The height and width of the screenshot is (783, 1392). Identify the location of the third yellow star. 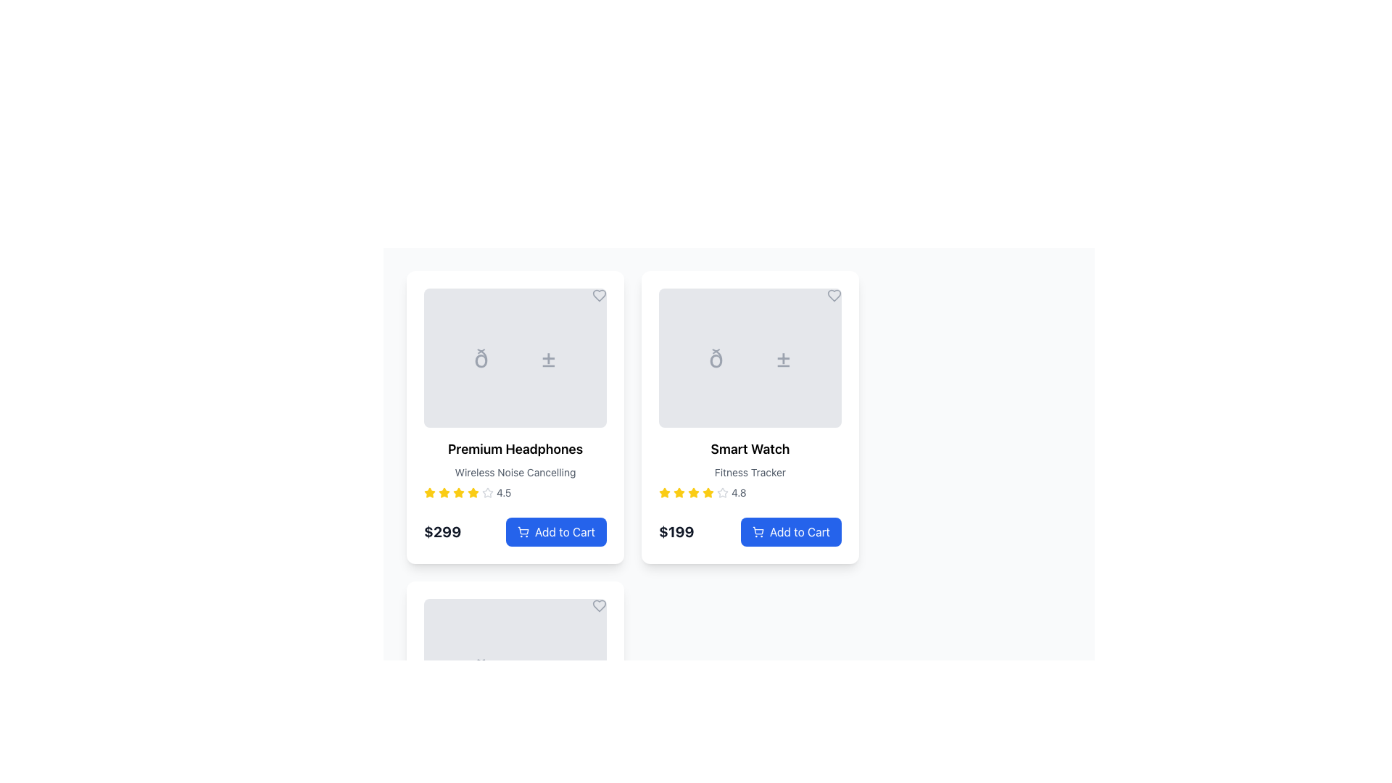
(678, 492).